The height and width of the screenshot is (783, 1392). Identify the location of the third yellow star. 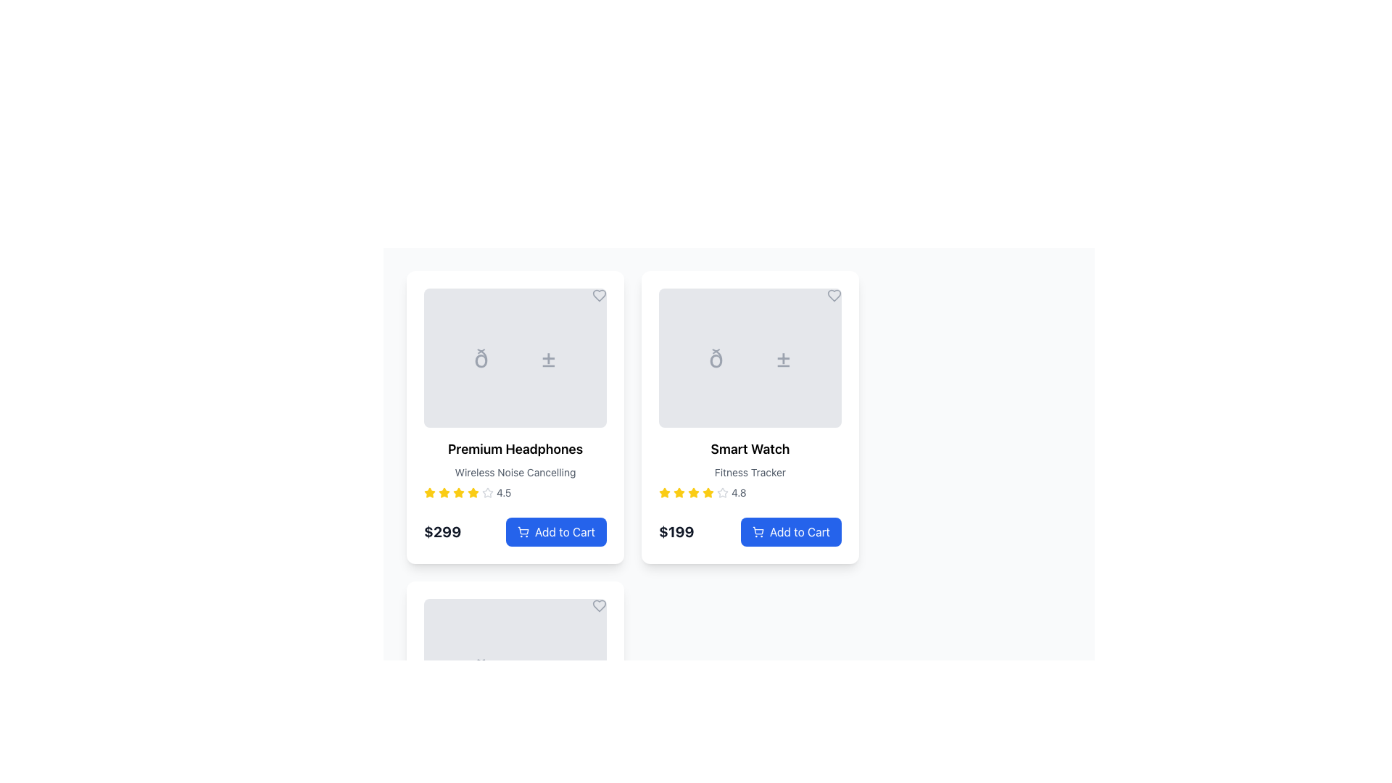
(678, 492).